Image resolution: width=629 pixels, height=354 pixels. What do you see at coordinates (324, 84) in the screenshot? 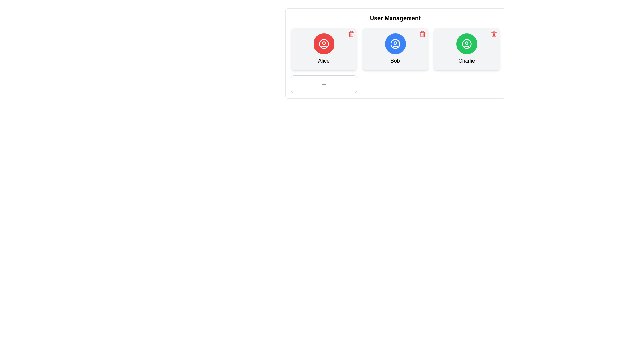
I see `the '+' button located in the bottom-left corner of the grid layout, directly beneath the user card displaying 'Alice', to initiate addition` at bounding box center [324, 84].